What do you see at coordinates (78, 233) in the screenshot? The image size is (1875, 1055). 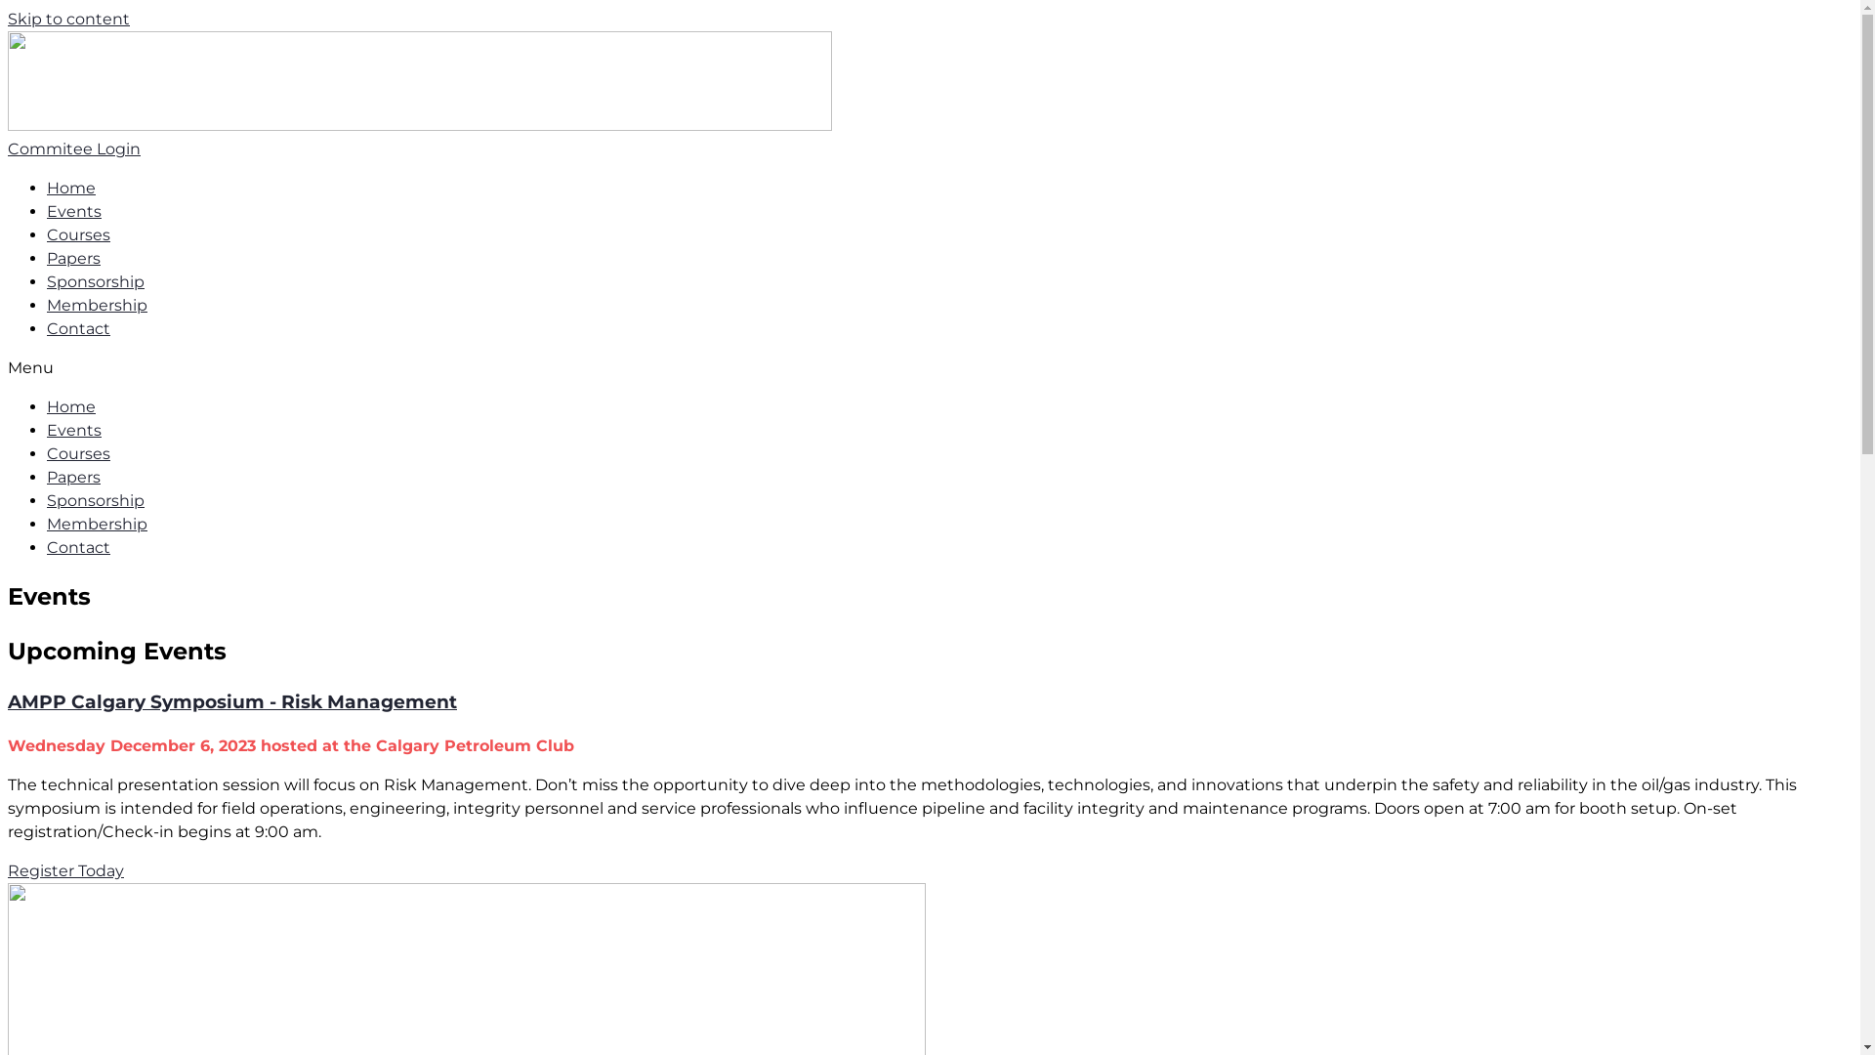 I see `'Courses'` at bounding box center [78, 233].